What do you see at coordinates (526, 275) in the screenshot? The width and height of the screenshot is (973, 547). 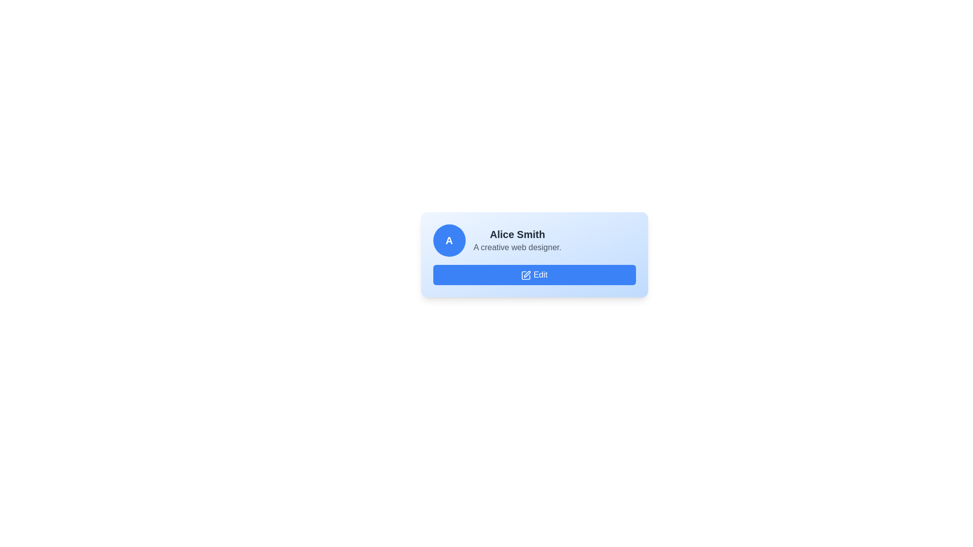 I see `the 'Edit' button that contains the edit icon, which serves as a visual cue for editing actions` at bounding box center [526, 275].